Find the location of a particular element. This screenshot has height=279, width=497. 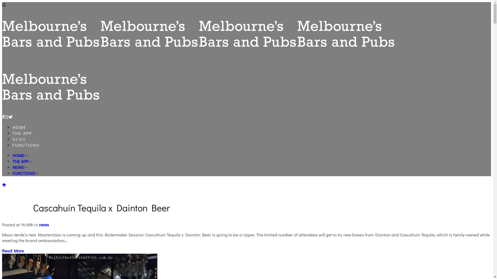

'NEWS' is located at coordinates (19, 139).